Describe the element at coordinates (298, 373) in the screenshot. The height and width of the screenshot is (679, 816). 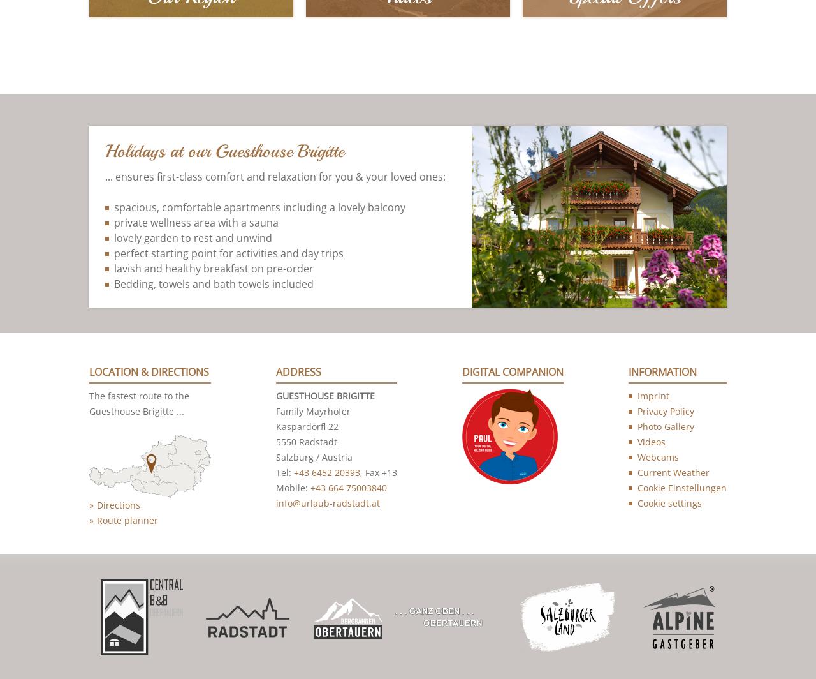
I see `'Address'` at that location.